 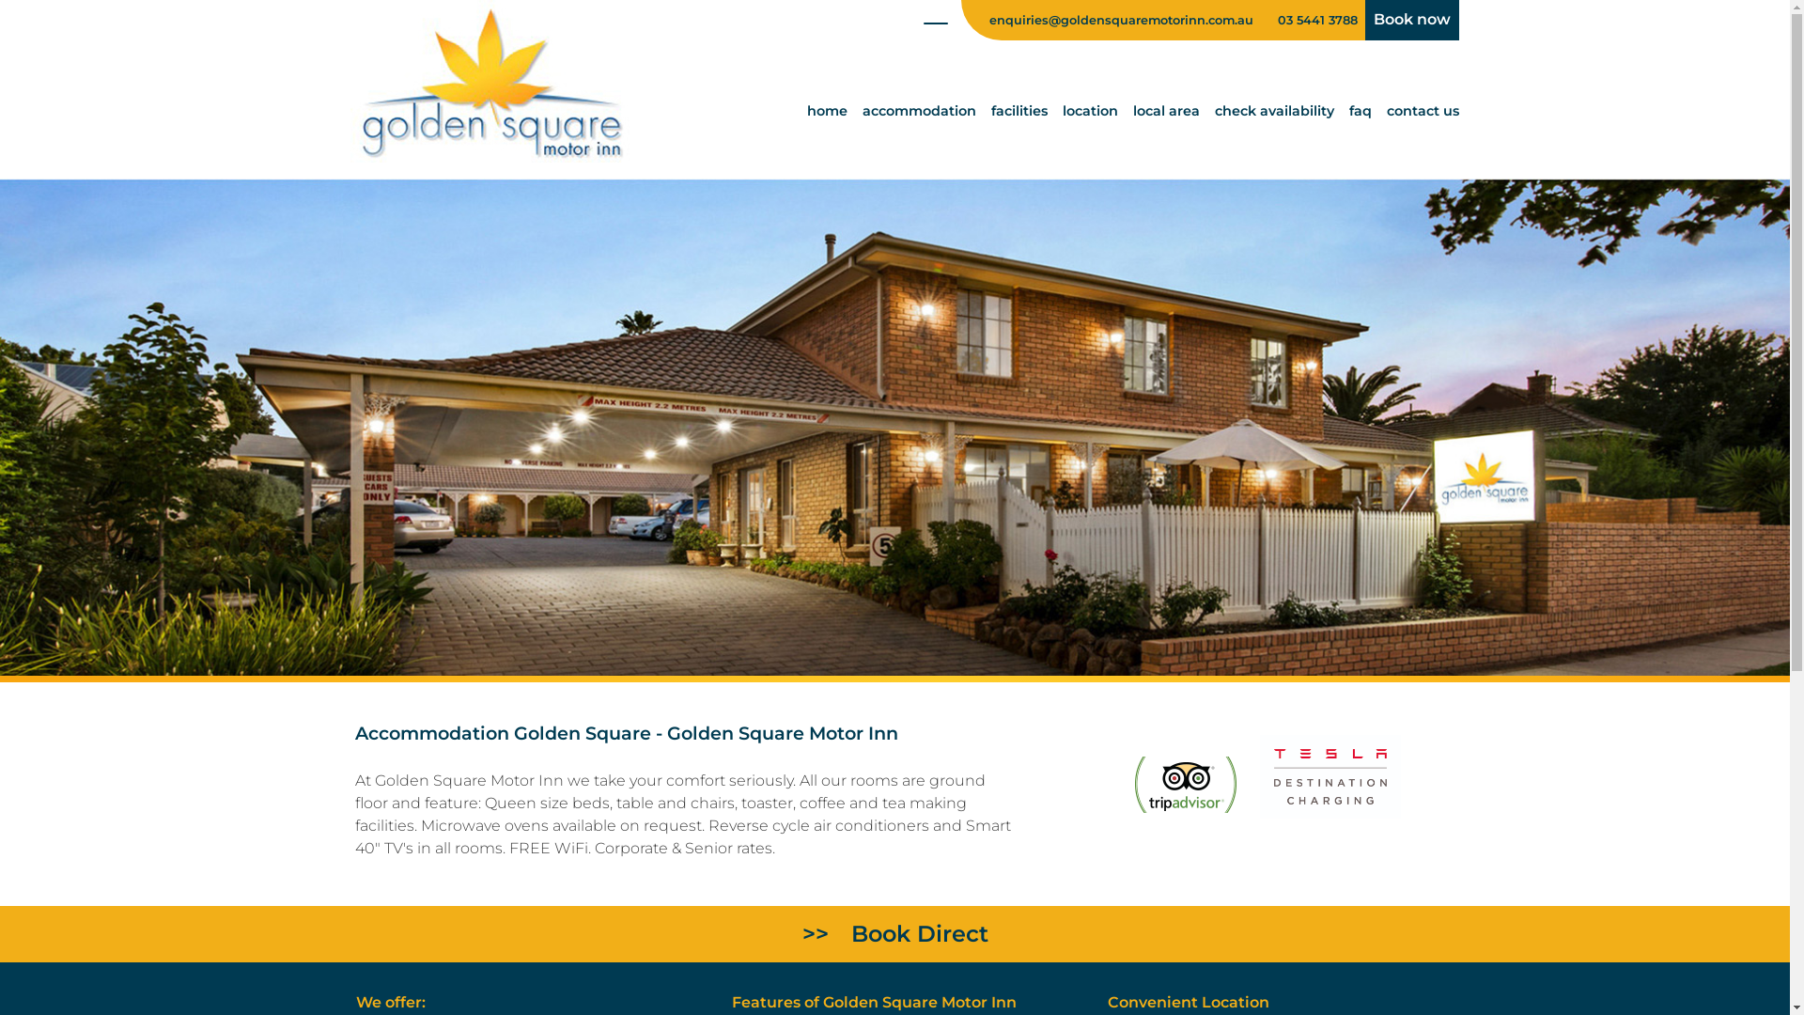 What do you see at coordinates (1411, 20) in the screenshot?
I see `'Book now'` at bounding box center [1411, 20].